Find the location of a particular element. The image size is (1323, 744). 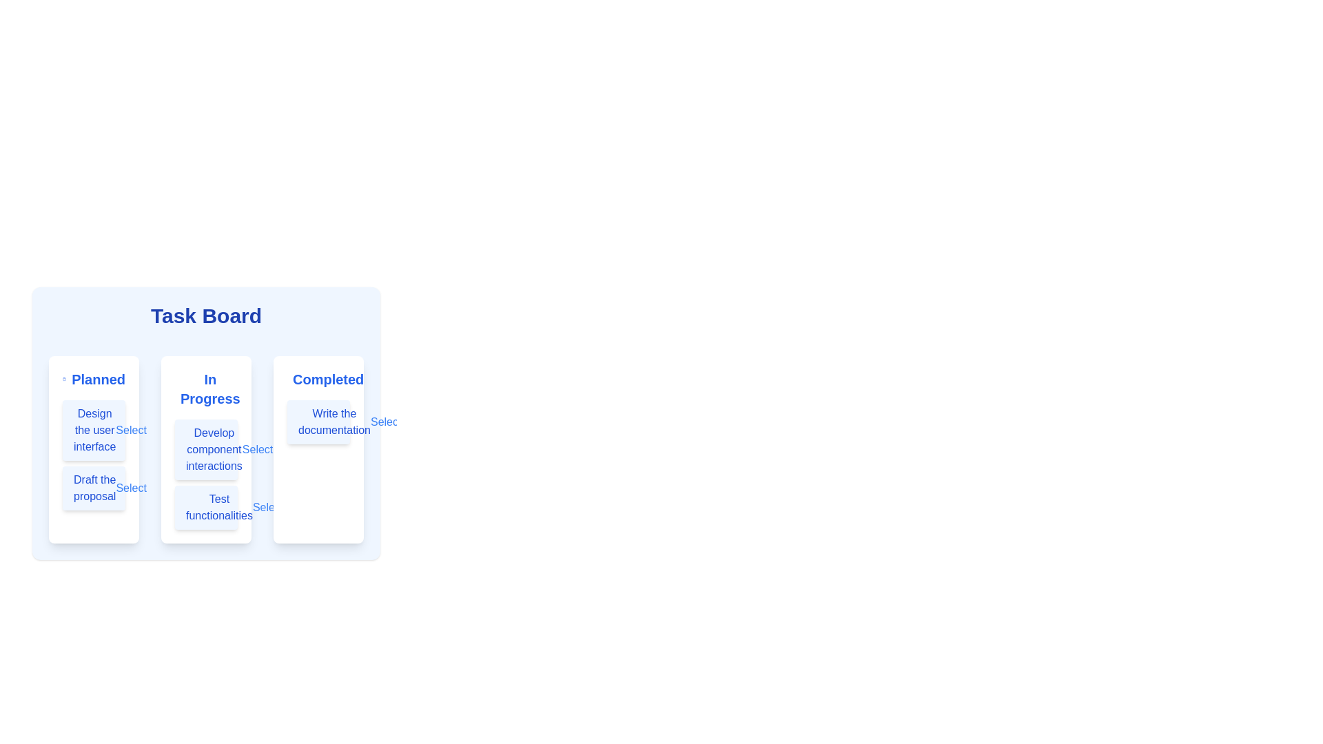

the task item labeled 'Write the documentation' within the 'Completed' column of the task board is located at coordinates (318, 422).